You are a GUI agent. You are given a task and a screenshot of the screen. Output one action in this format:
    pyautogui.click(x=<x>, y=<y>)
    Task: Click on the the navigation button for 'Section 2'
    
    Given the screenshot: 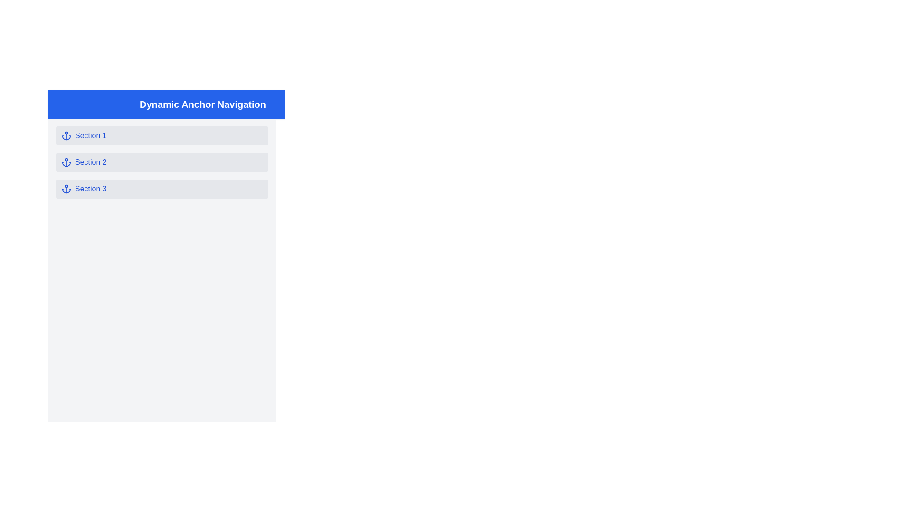 What is the action you would take?
    pyautogui.click(x=162, y=162)
    